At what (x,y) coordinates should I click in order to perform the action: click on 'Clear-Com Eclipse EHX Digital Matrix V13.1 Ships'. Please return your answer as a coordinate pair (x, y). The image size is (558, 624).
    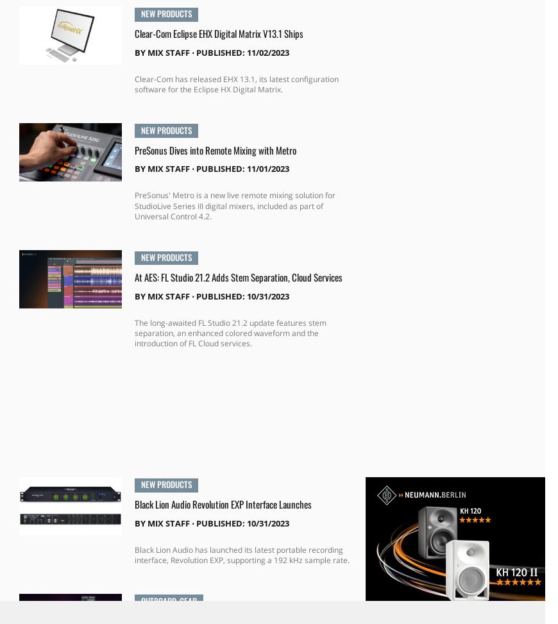
    Looking at the image, I should click on (218, 33).